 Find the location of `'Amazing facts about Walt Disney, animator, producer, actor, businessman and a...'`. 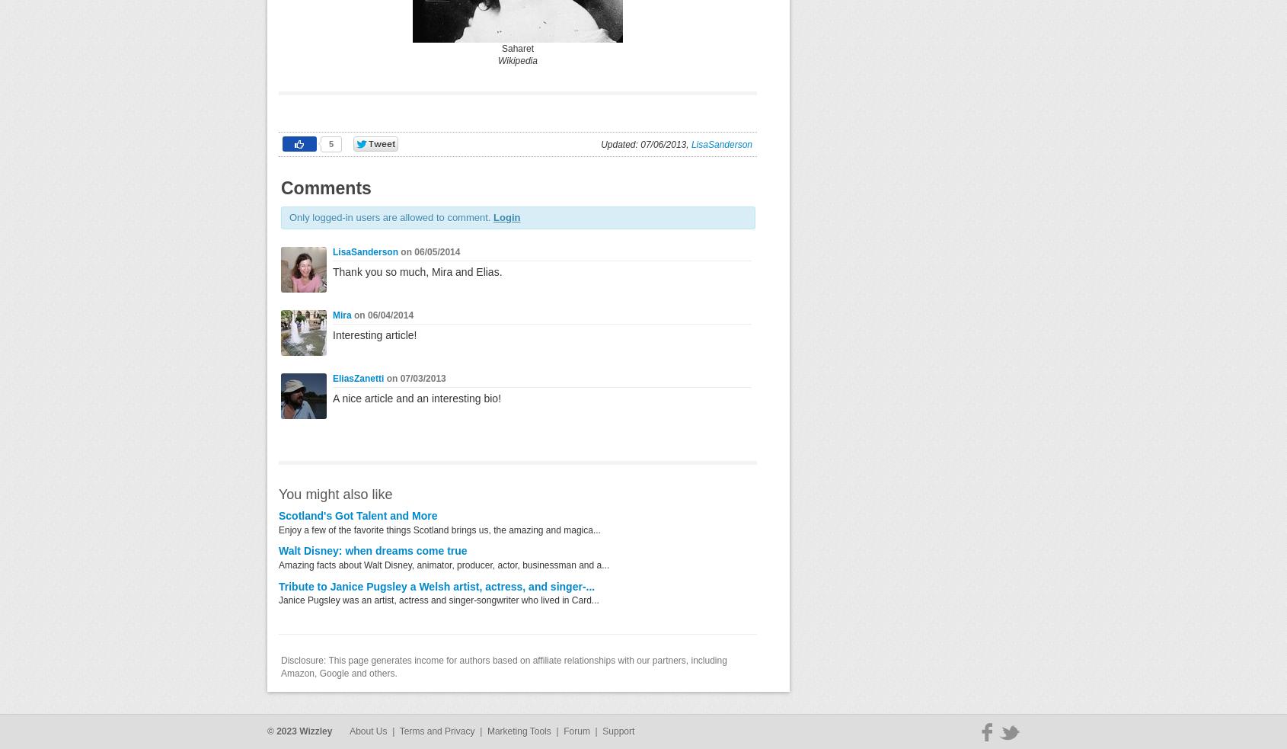

'Amazing facts about Walt Disney, animator, producer, actor, businessman and a...' is located at coordinates (443, 563).